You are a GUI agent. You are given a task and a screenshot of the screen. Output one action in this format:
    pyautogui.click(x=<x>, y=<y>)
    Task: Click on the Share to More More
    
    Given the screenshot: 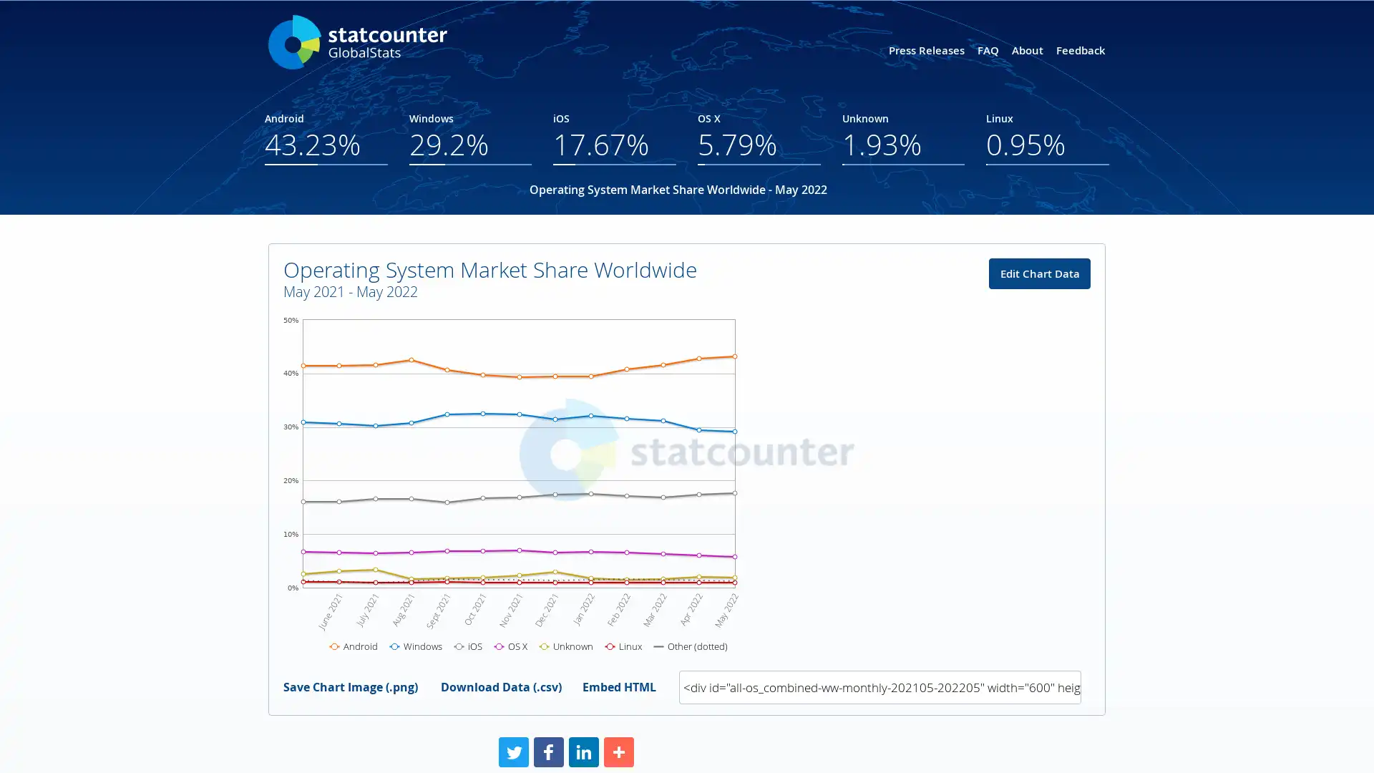 What is the action you would take?
    pyautogui.click(x=769, y=751)
    